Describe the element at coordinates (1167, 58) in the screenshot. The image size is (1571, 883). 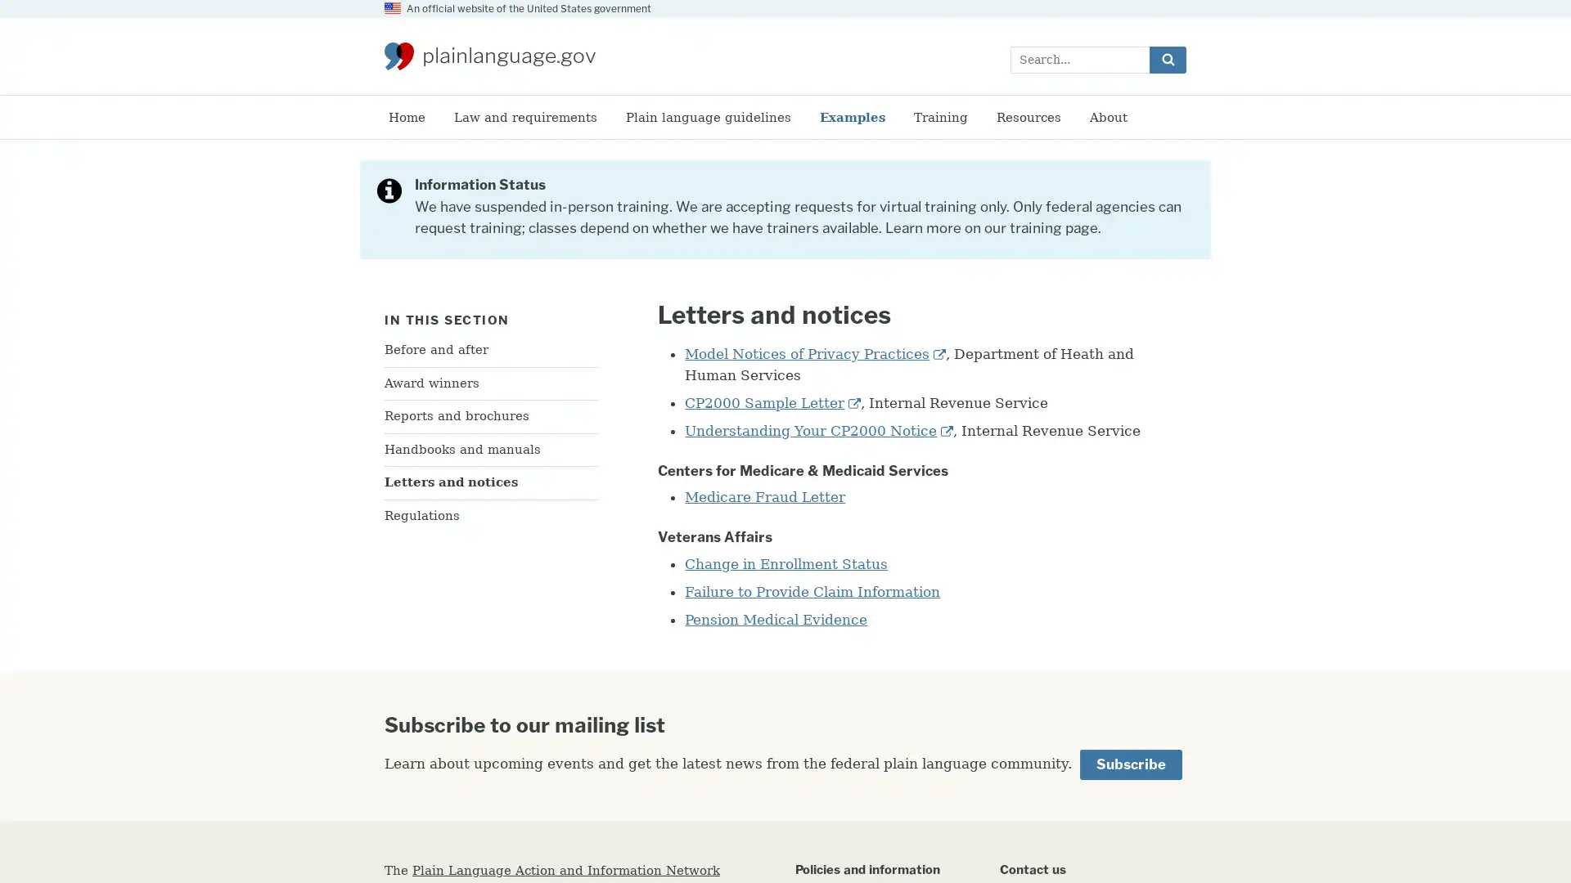
I see `Search` at that location.